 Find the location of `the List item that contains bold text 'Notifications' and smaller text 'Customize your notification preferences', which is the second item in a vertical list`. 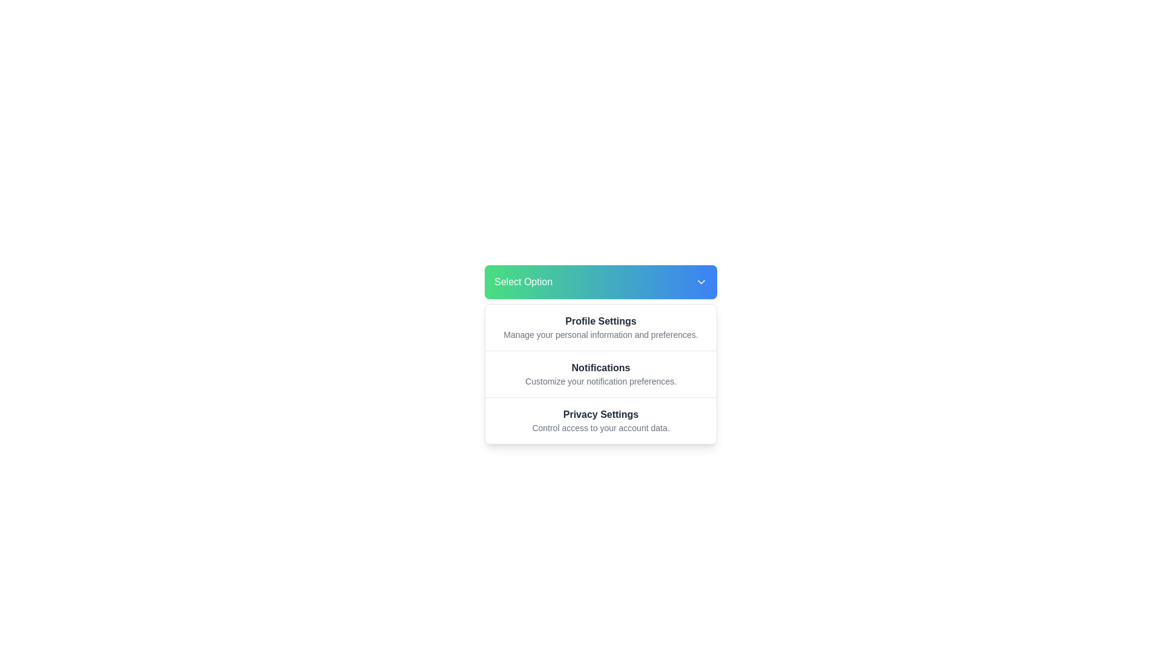

the List item that contains bold text 'Notifications' and smaller text 'Customize your notification preferences', which is the second item in a vertical list is located at coordinates (601, 373).